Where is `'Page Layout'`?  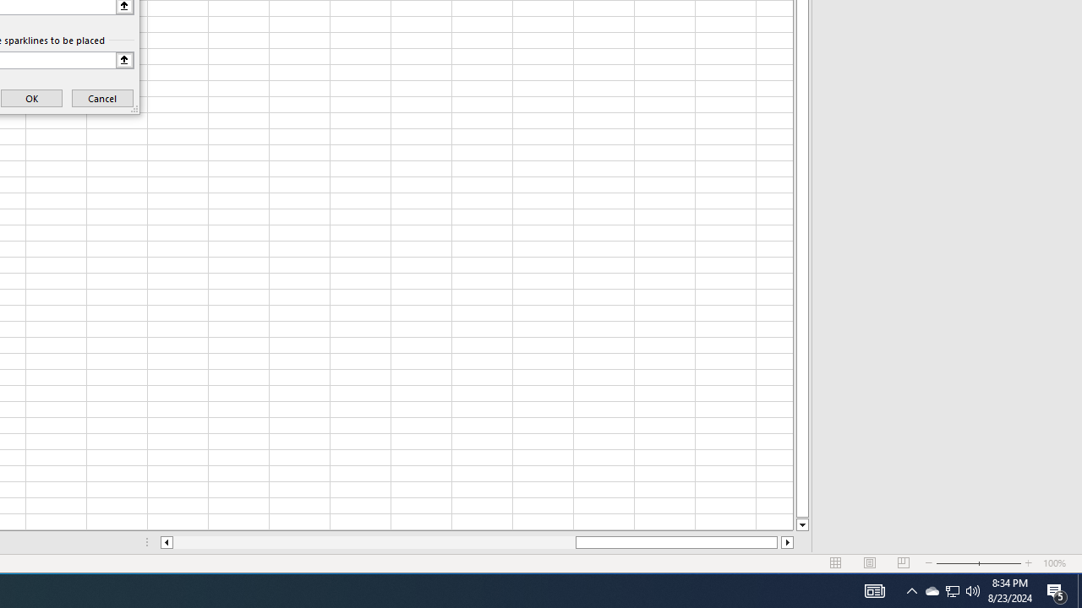 'Page Layout' is located at coordinates (870, 563).